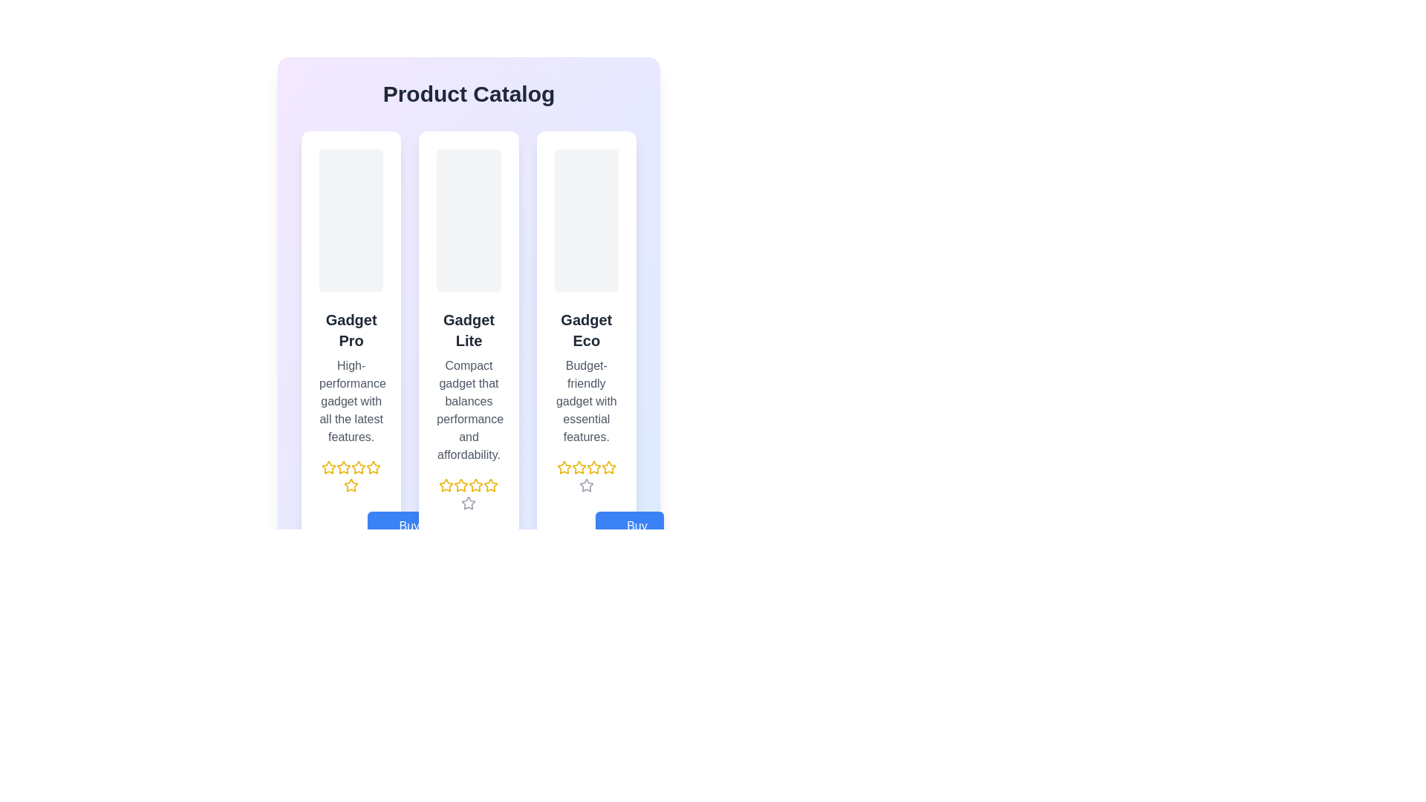 This screenshot has width=1426, height=802. I want to click on the third star rating icon located in the rating section beneath the title 'Gadget Eco', so click(608, 466).